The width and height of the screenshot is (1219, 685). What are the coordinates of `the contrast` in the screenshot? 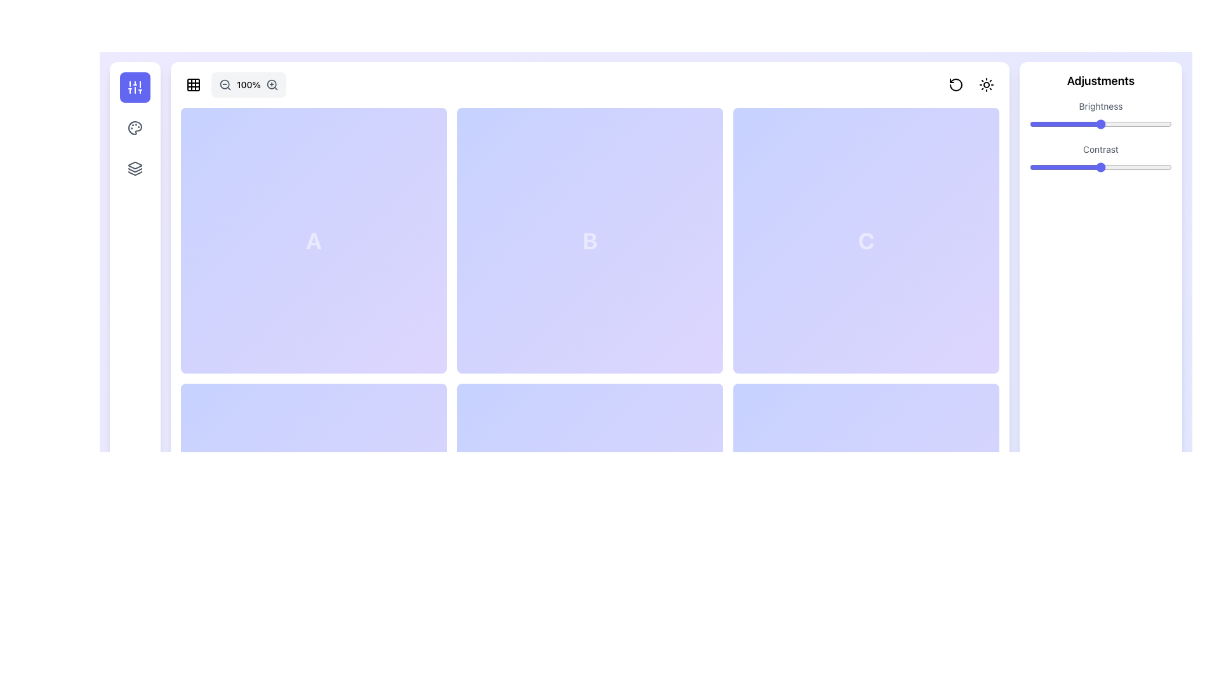 It's located at (1100, 166).